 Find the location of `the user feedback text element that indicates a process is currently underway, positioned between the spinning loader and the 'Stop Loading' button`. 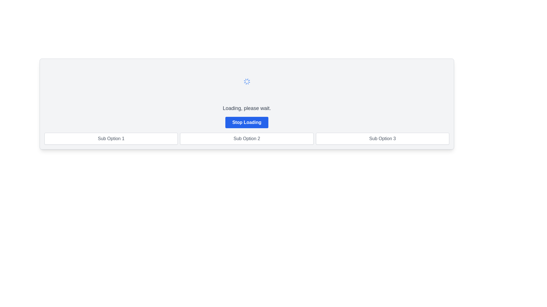

the user feedback text element that indicates a process is currently underway, positioned between the spinning loader and the 'Stop Loading' button is located at coordinates (247, 108).